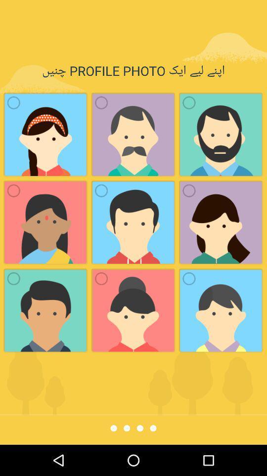 The height and width of the screenshot is (476, 267). What do you see at coordinates (13, 190) in the screenshot?
I see `the first icon in the second row` at bounding box center [13, 190].